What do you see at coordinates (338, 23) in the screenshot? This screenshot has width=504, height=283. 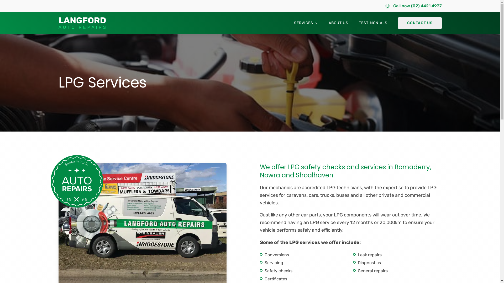 I see `'ABOUT US'` at bounding box center [338, 23].